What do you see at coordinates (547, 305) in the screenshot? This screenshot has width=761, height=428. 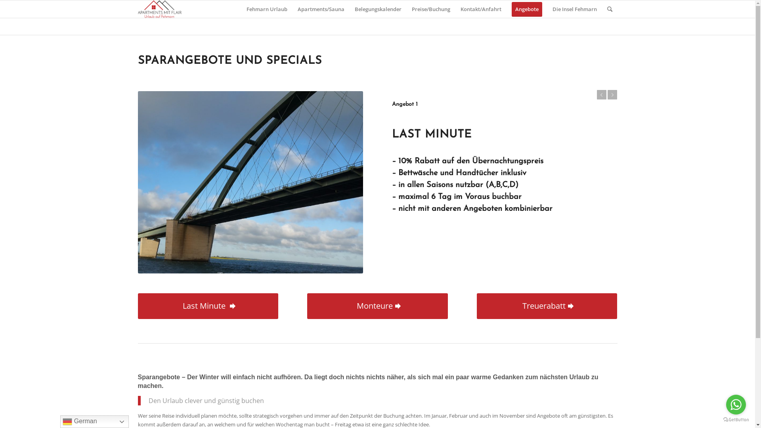 I see `'Treuerabatt'` at bounding box center [547, 305].